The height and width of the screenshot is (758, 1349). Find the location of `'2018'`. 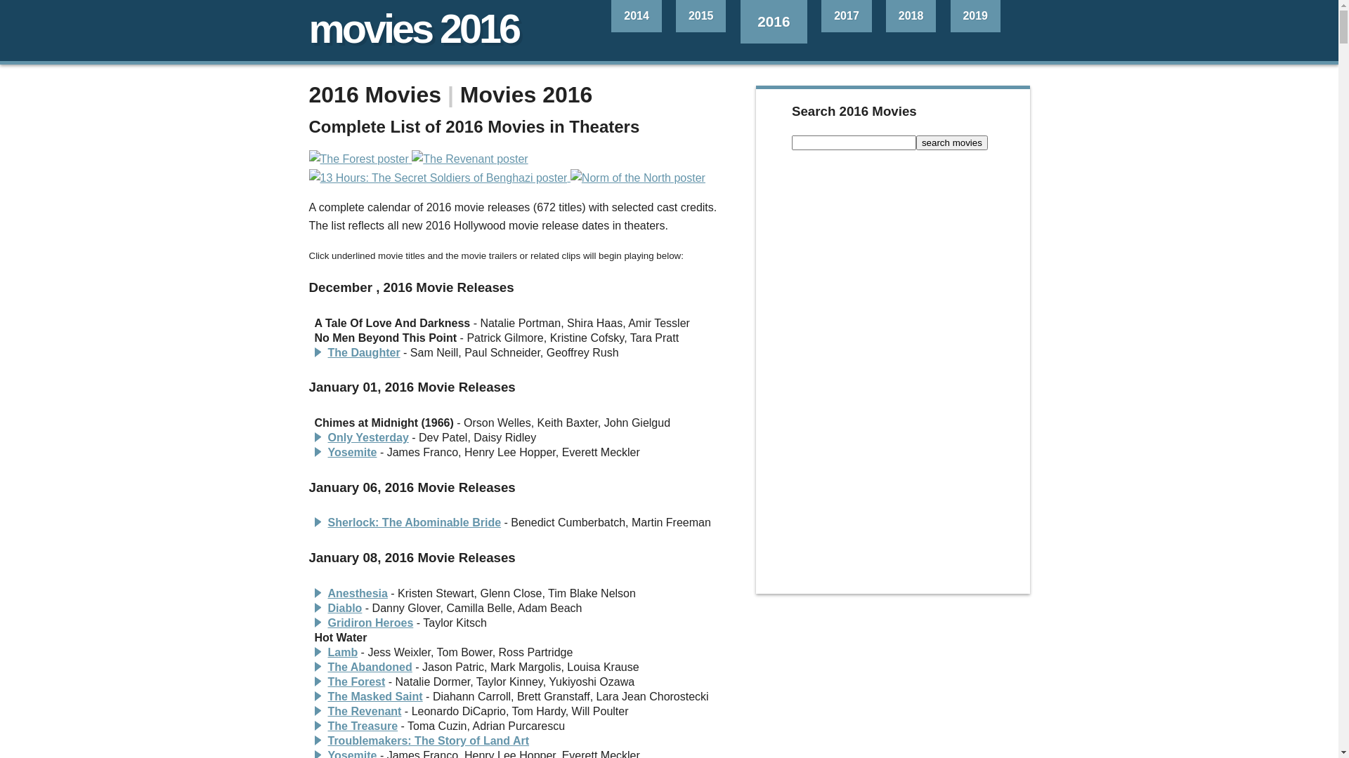

'2018' is located at coordinates (911, 16).